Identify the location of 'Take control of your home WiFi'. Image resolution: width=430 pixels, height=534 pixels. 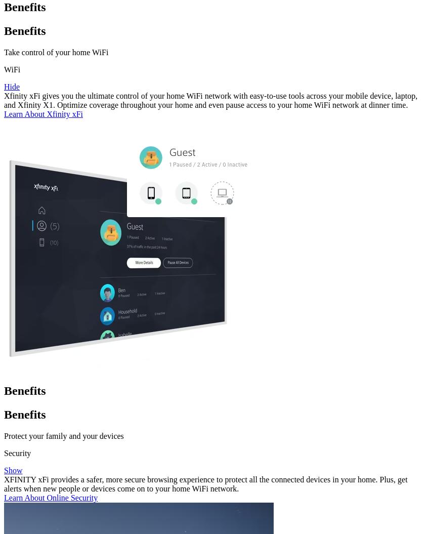
(56, 52).